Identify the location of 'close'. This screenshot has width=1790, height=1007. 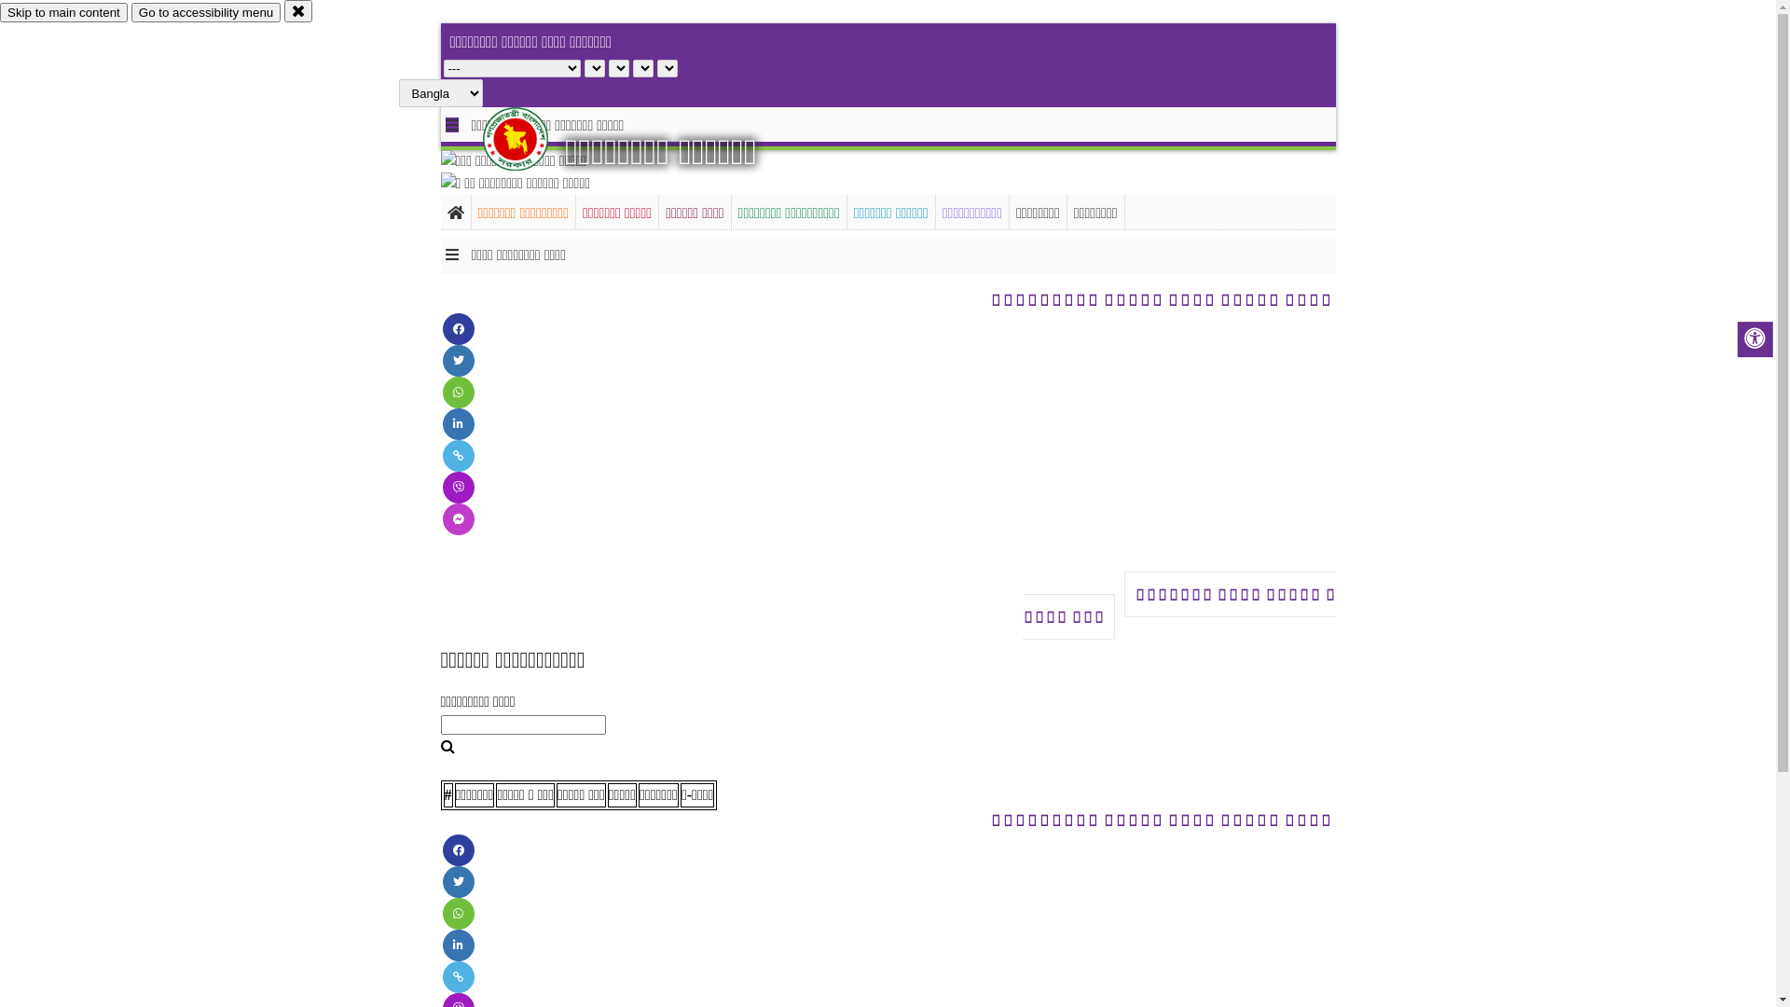
(283, 10).